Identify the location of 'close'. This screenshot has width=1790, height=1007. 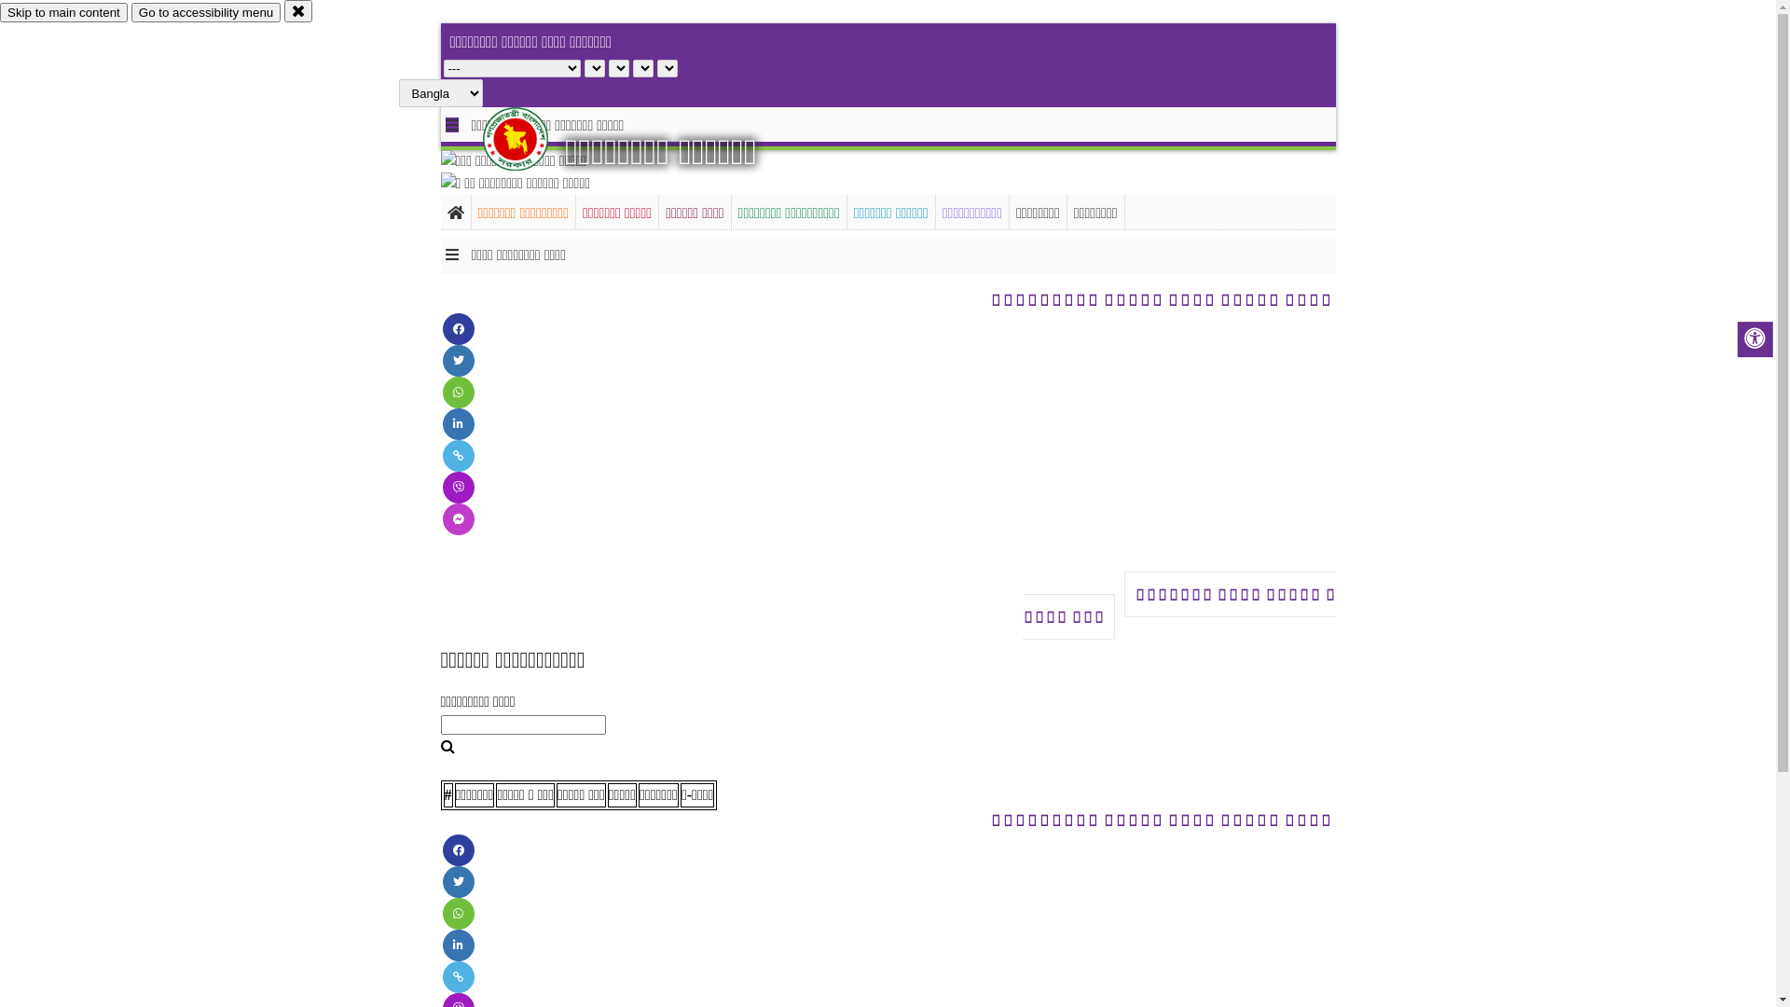
(283, 10).